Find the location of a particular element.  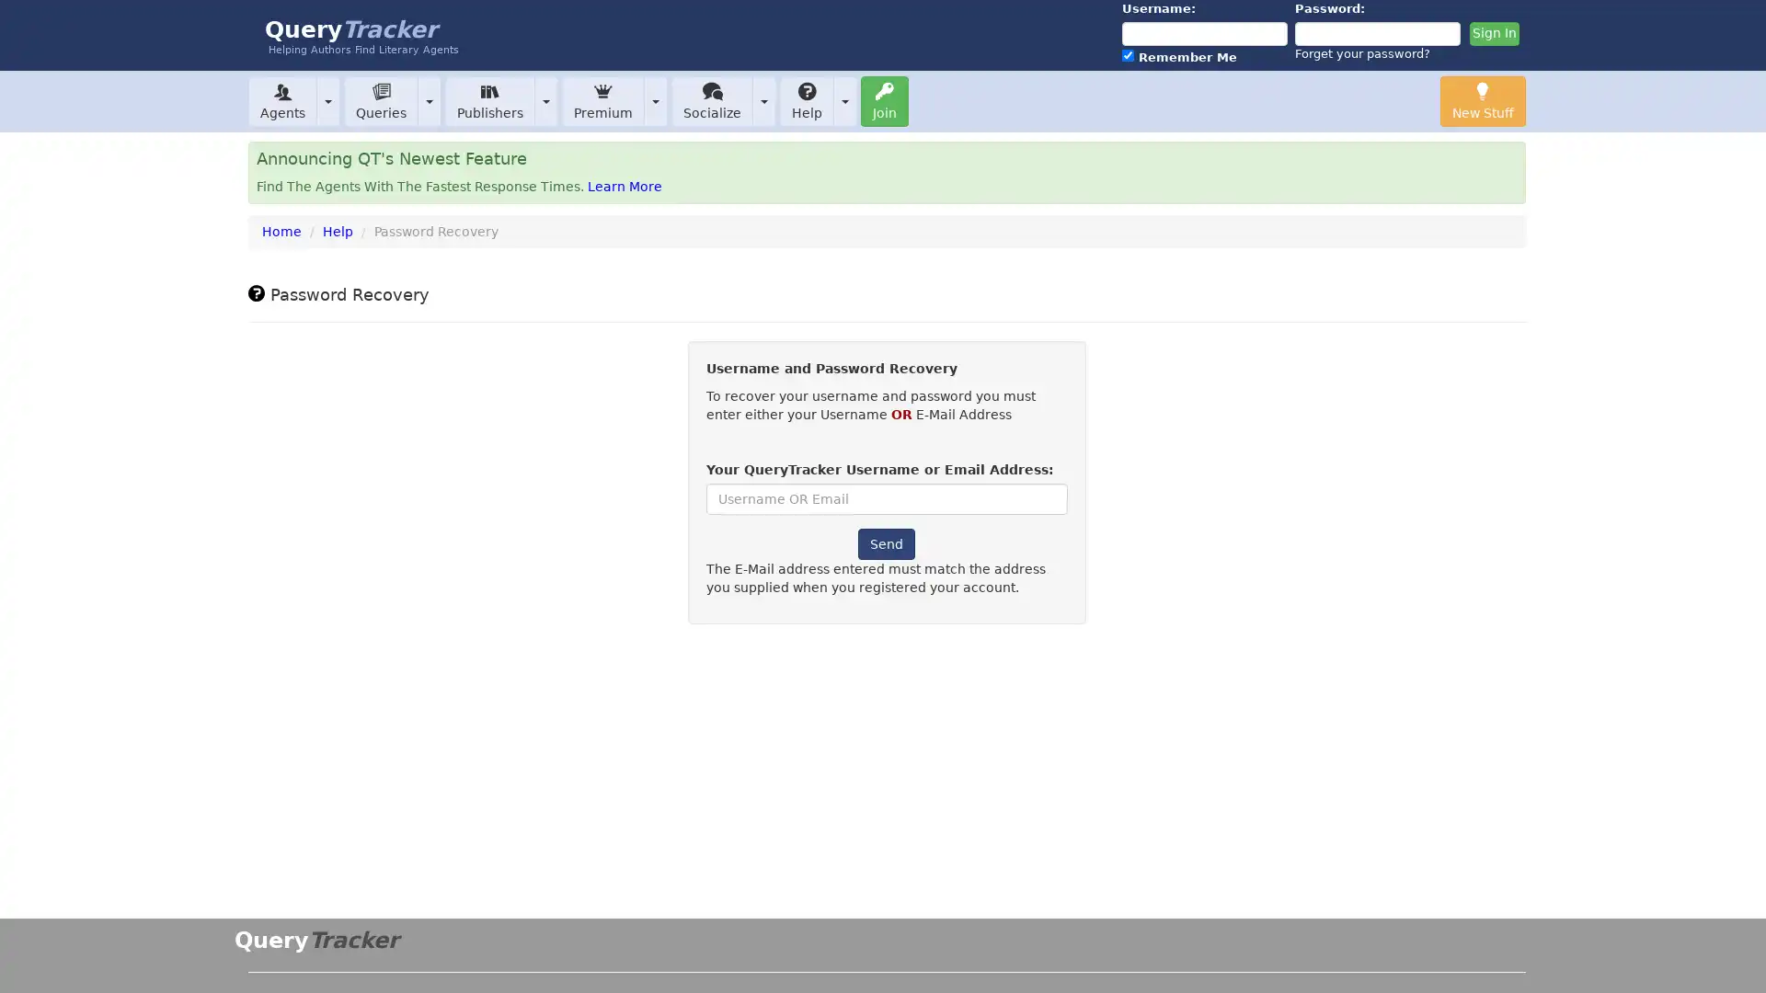

Toggle Dropdown is located at coordinates (763, 100).